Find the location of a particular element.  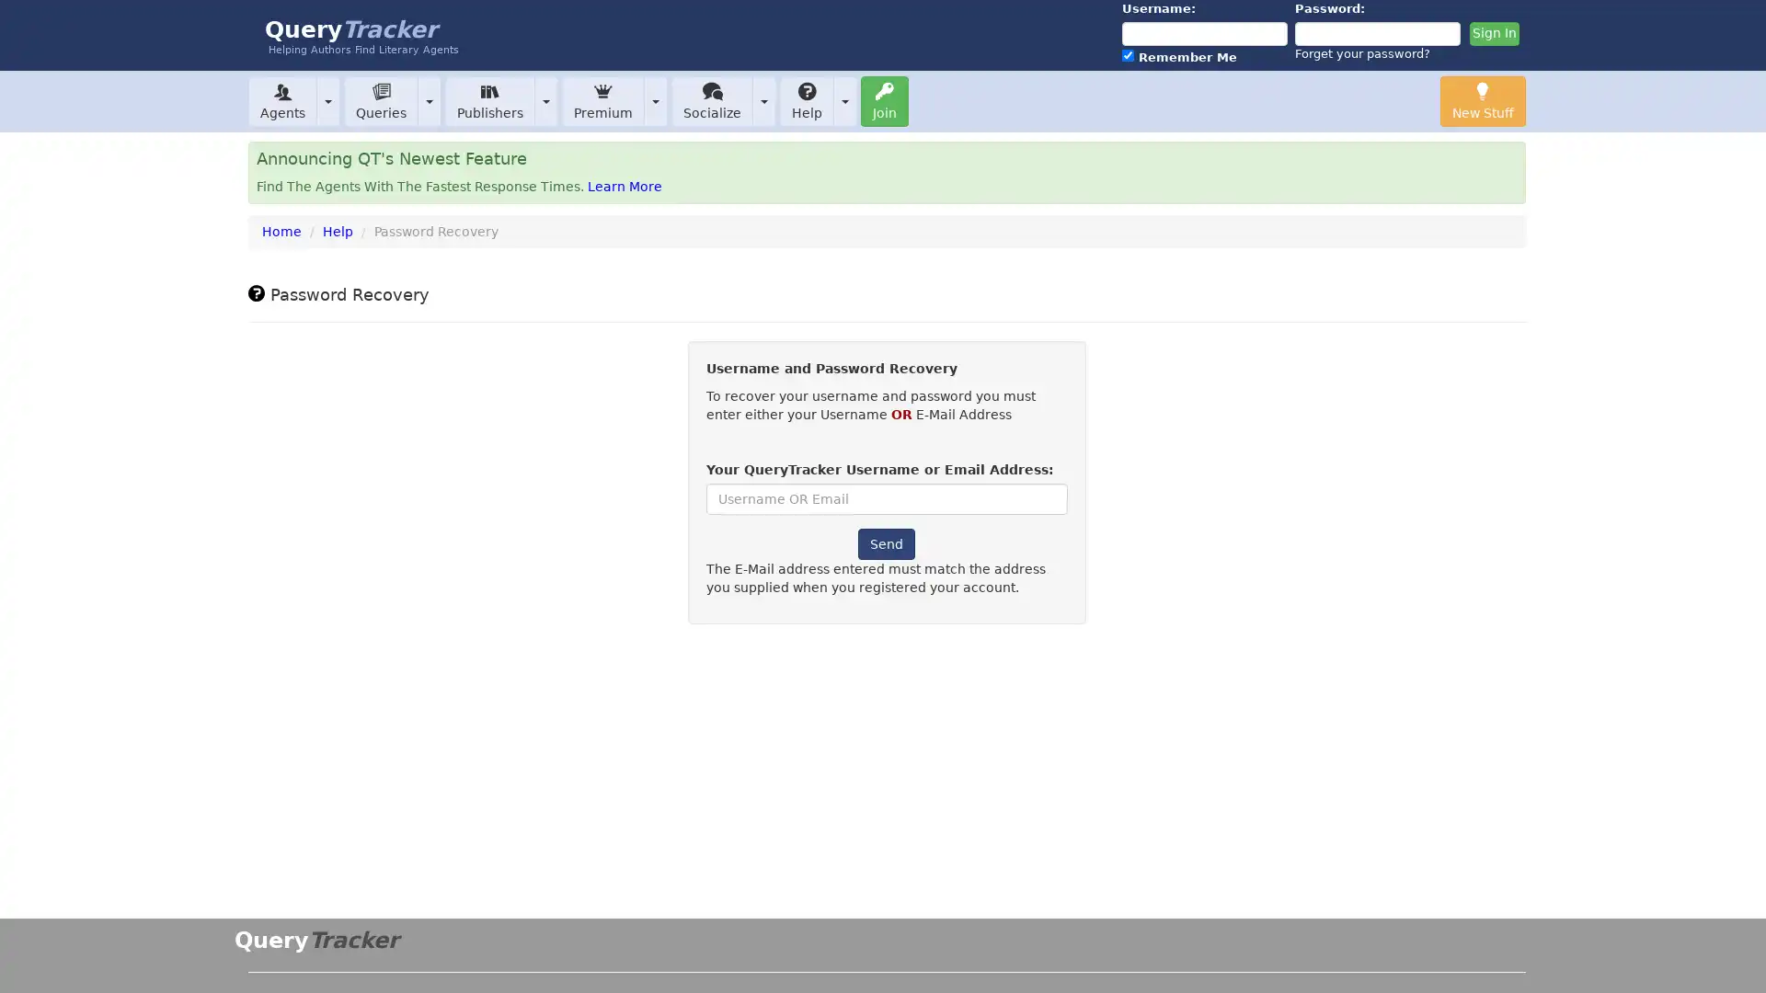

Toggle Dropdown is located at coordinates (763, 100).